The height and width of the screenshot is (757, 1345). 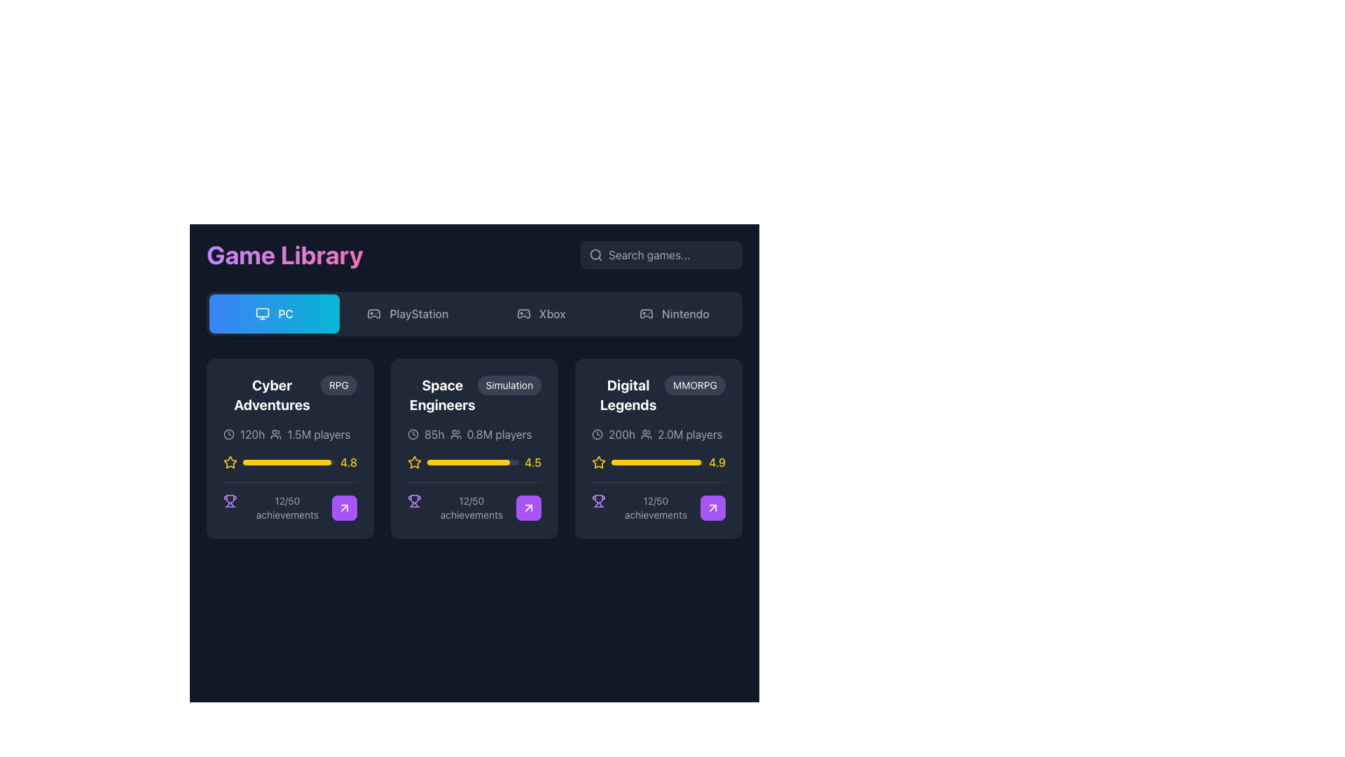 I want to click on the magnifying glass icon located within the search bar at the top right corner of the interface, adjacent to the placeholder text 'Search games...', so click(x=595, y=254).